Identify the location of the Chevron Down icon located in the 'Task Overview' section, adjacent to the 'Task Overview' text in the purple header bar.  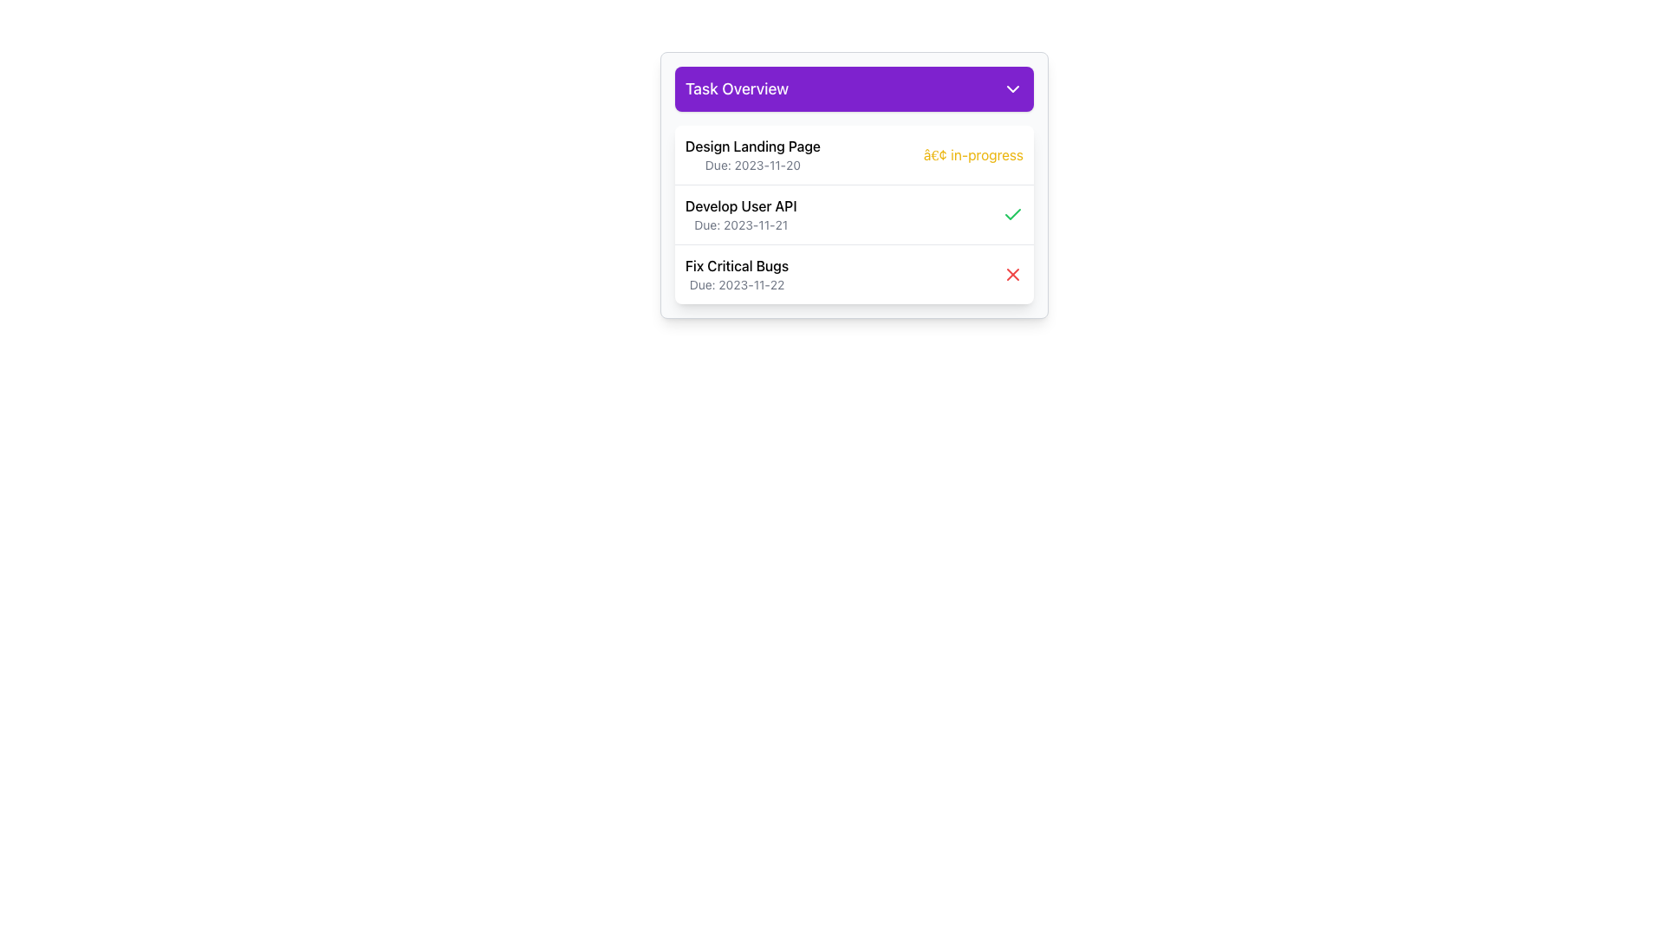
(1013, 89).